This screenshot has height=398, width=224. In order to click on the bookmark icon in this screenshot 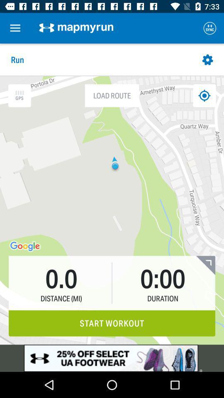, I will do `click(205, 265)`.